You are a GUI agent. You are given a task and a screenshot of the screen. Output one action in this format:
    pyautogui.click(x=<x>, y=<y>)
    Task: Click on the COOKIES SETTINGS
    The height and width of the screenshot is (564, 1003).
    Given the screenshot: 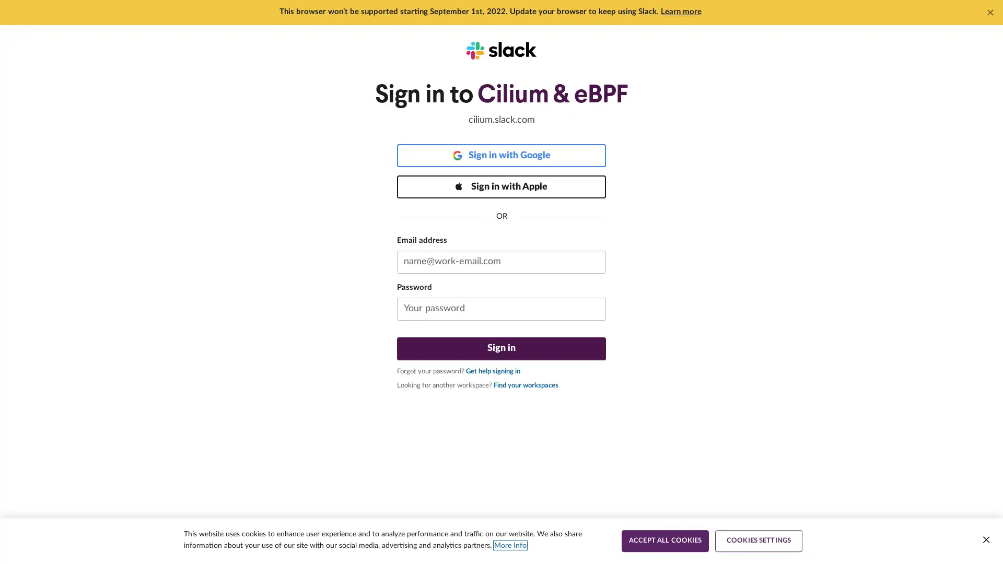 What is the action you would take?
    pyautogui.click(x=759, y=540)
    